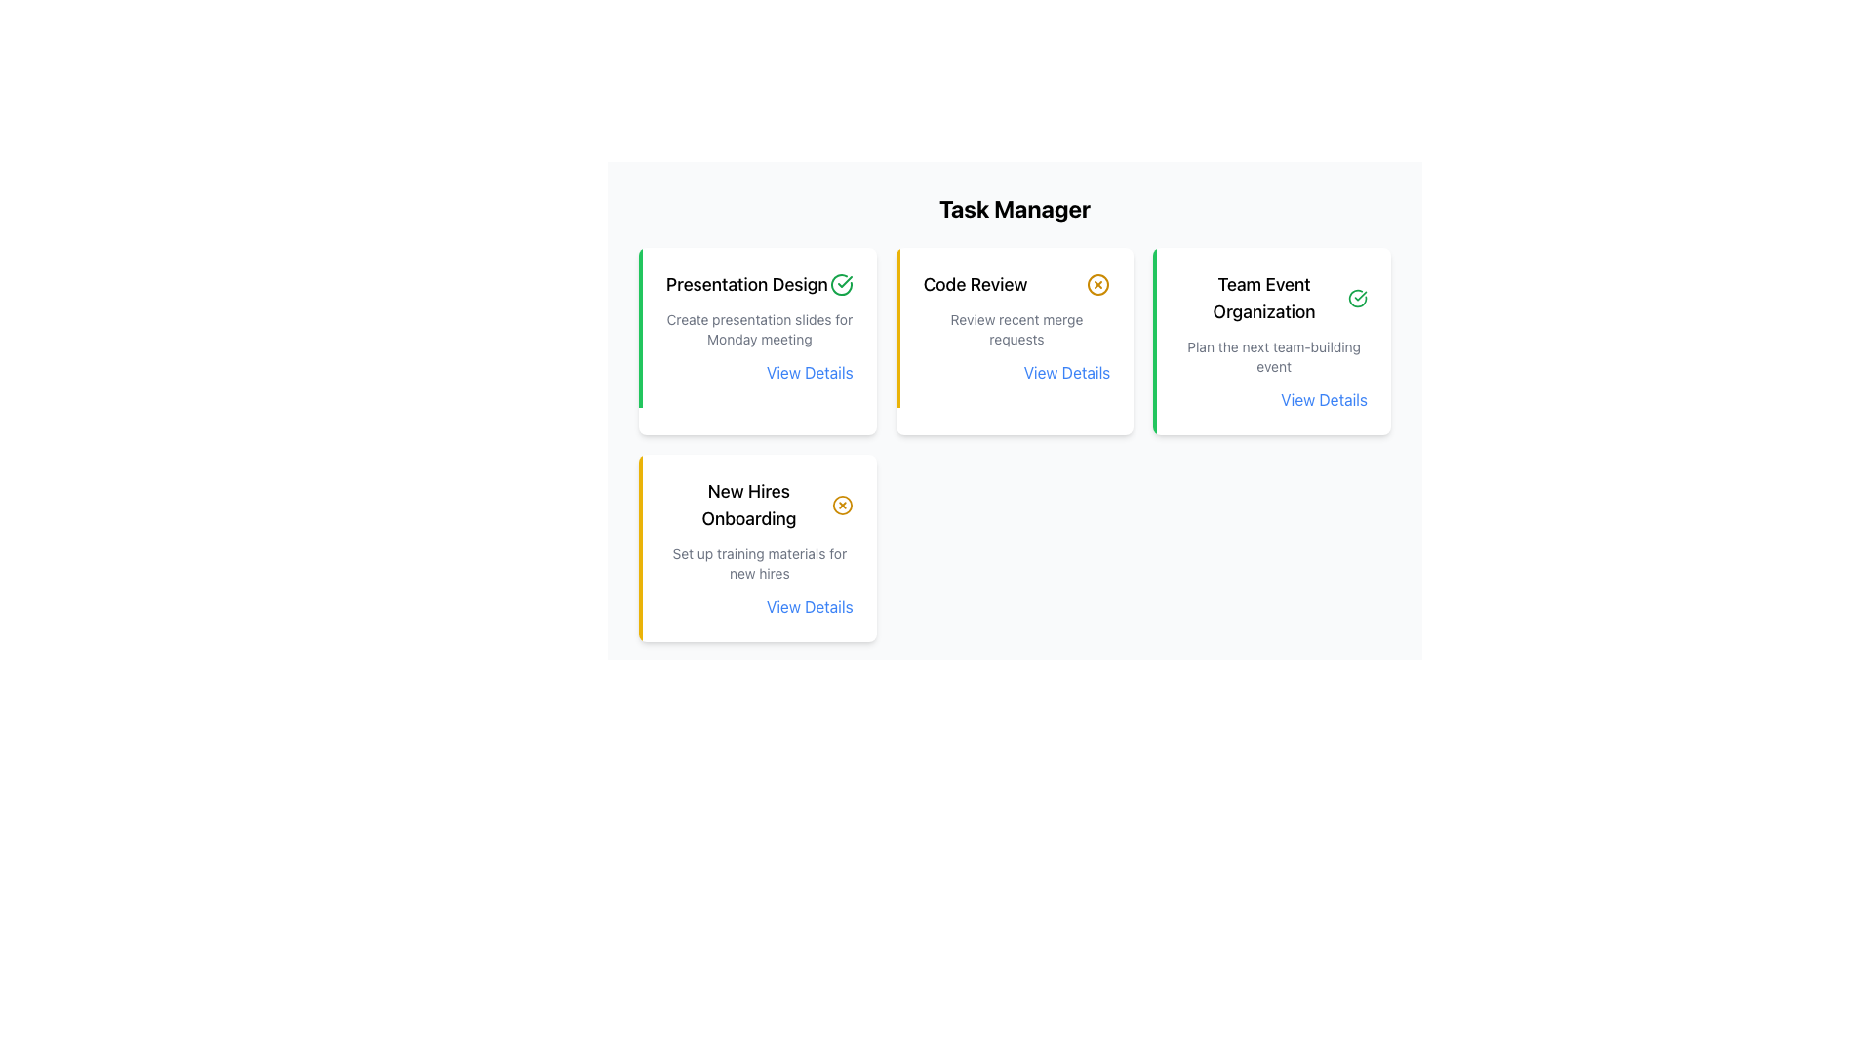 This screenshot has width=1873, height=1054. Describe the element at coordinates (758, 329) in the screenshot. I see `non-interactive text label that provides additional descriptive information about the task or item represented by the card titled 'Presentation Design', located directly below the header text in the card` at that location.